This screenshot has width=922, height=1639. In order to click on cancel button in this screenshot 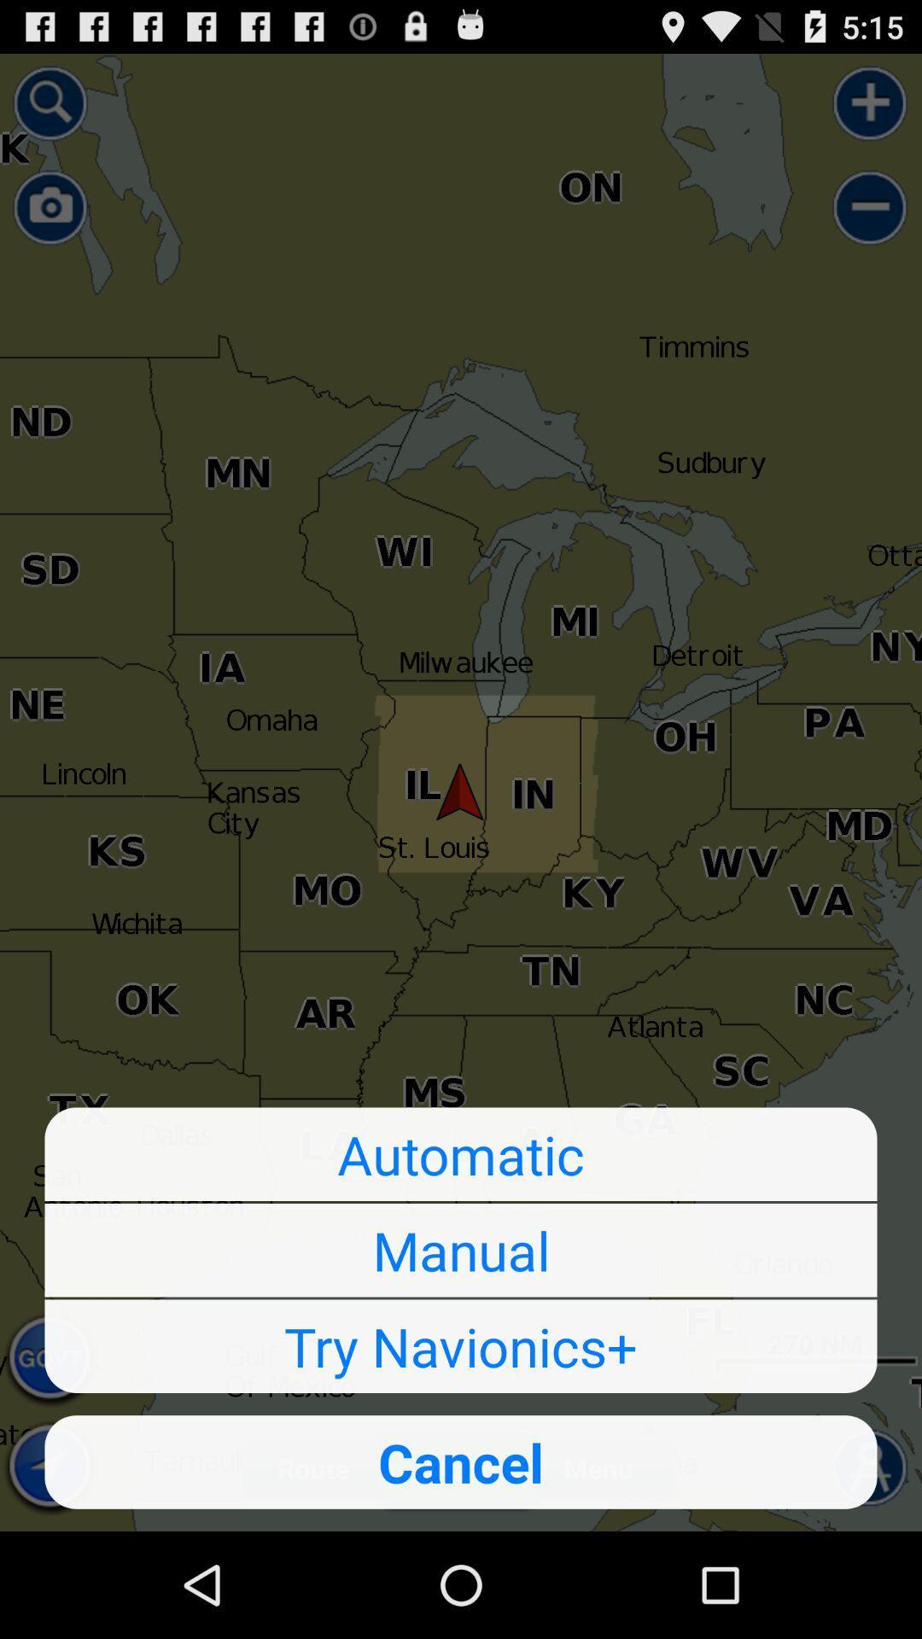, I will do `click(461, 1461)`.